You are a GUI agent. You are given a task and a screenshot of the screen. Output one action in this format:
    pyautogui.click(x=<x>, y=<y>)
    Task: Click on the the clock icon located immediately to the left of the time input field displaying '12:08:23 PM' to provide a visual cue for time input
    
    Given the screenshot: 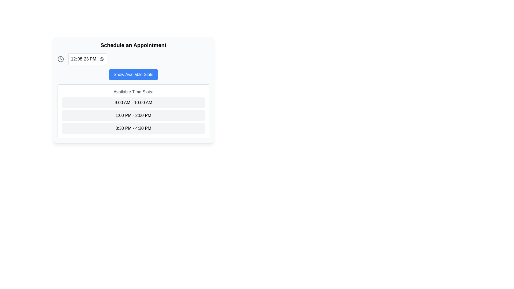 What is the action you would take?
    pyautogui.click(x=61, y=59)
    